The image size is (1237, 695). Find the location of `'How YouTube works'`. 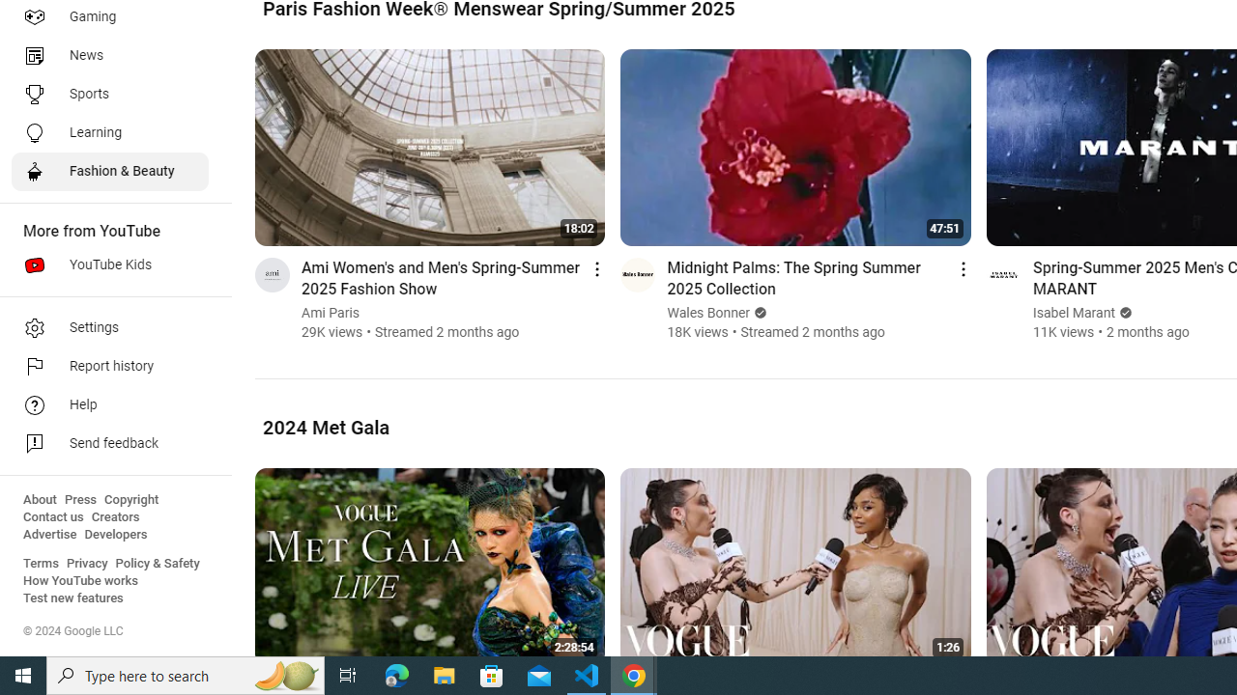

'How YouTube works' is located at coordinates (79, 580).